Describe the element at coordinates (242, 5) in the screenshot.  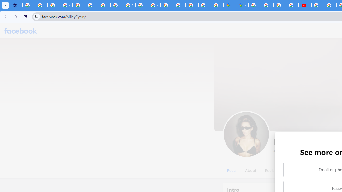
I see `'Google Maps'` at that location.